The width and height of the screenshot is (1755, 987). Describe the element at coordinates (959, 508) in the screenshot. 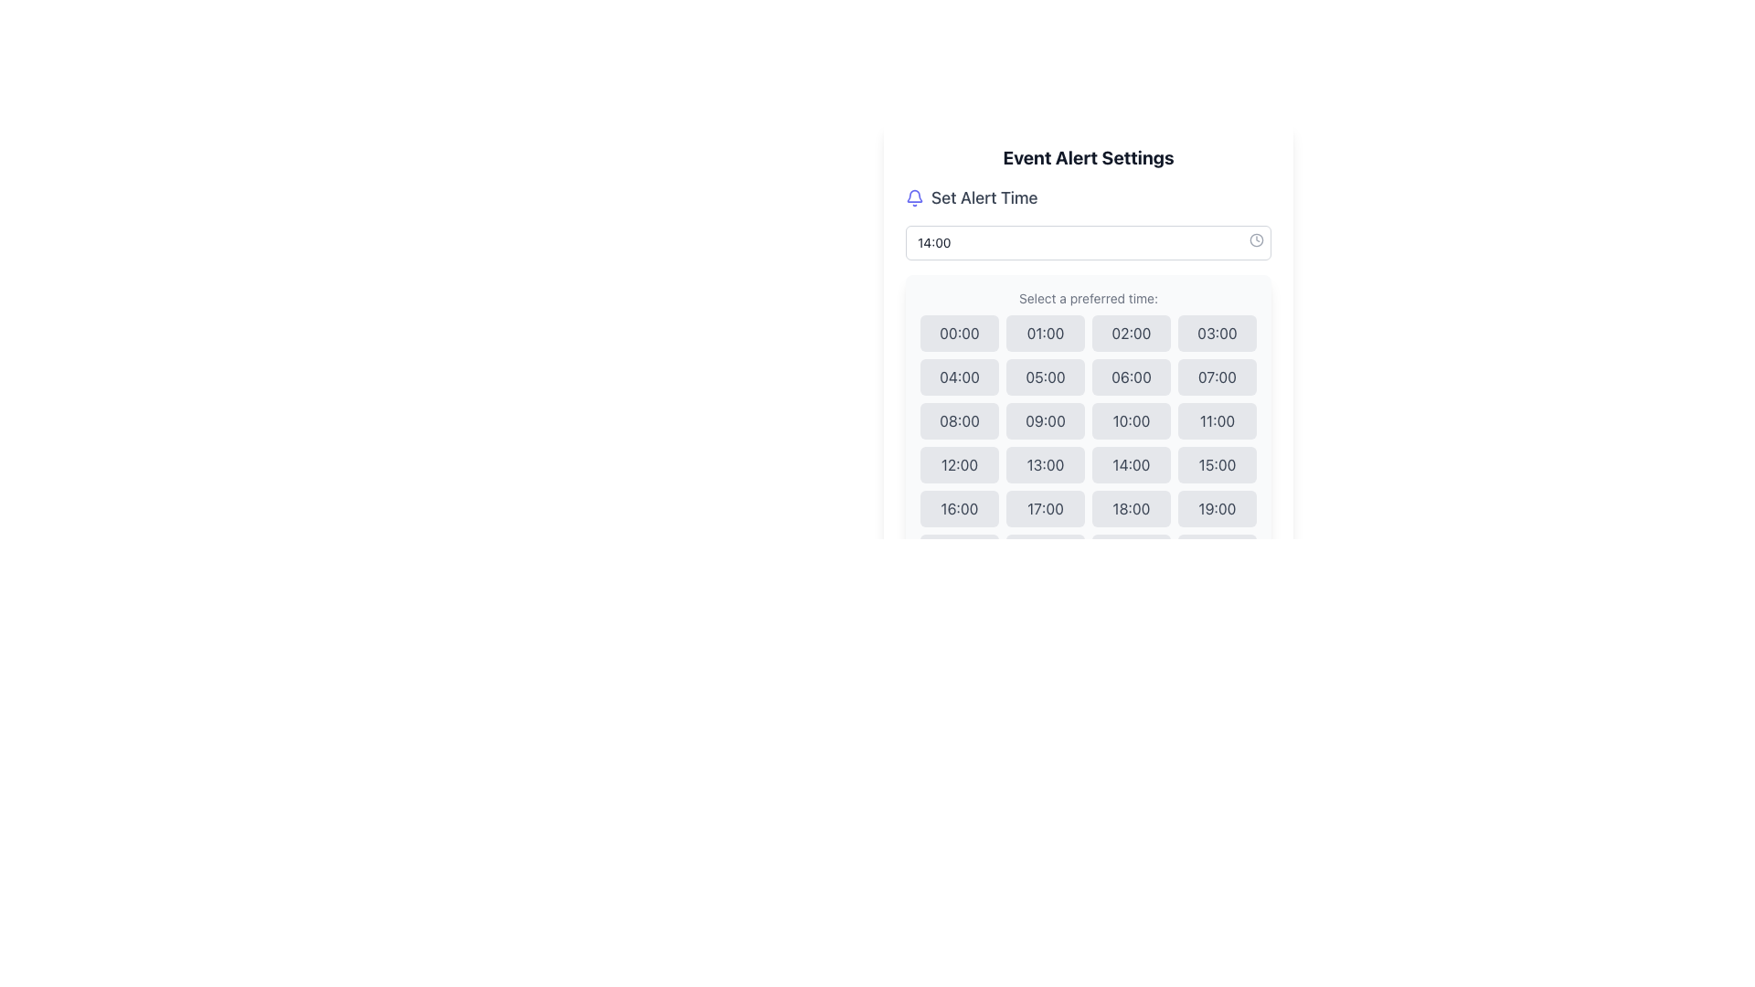

I see `the rectangular button with rounded corners labeled '16:00'` at that location.